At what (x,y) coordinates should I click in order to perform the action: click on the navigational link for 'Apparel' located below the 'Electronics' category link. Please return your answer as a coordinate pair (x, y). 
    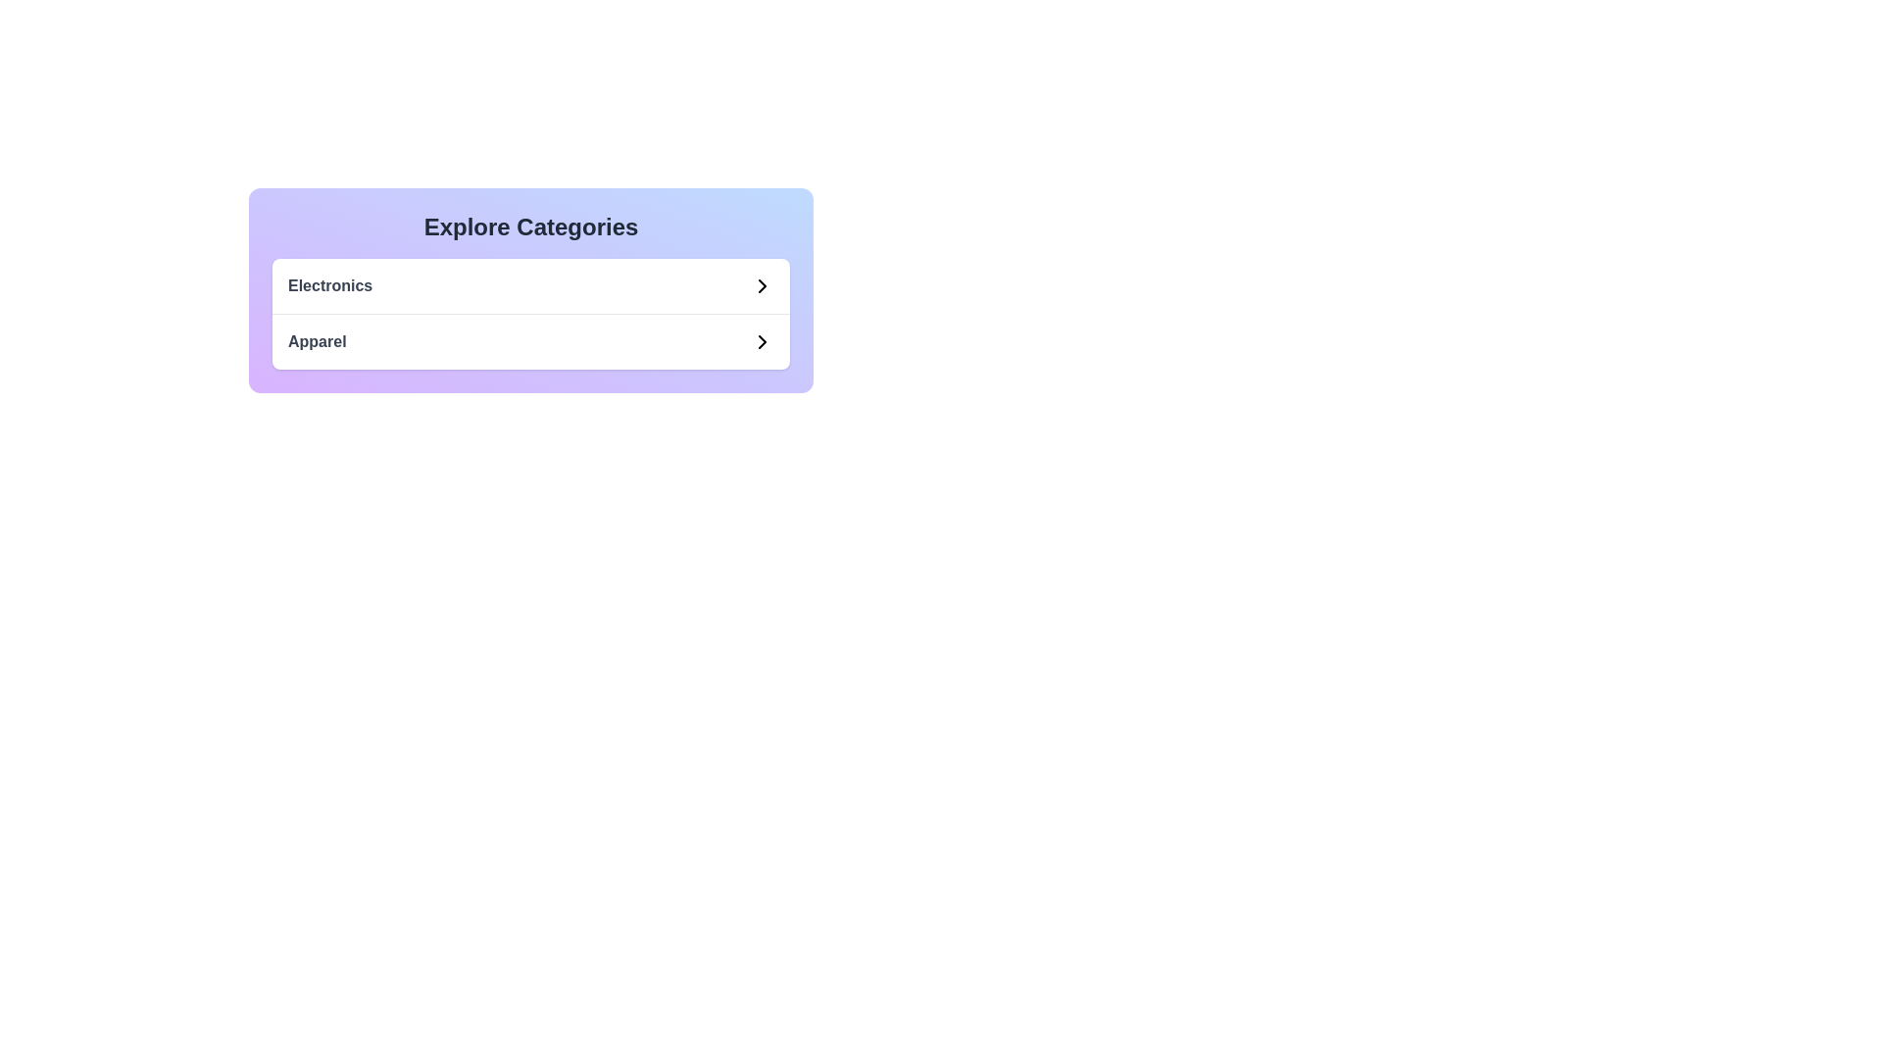
    Looking at the image, I should click on (531, 340).